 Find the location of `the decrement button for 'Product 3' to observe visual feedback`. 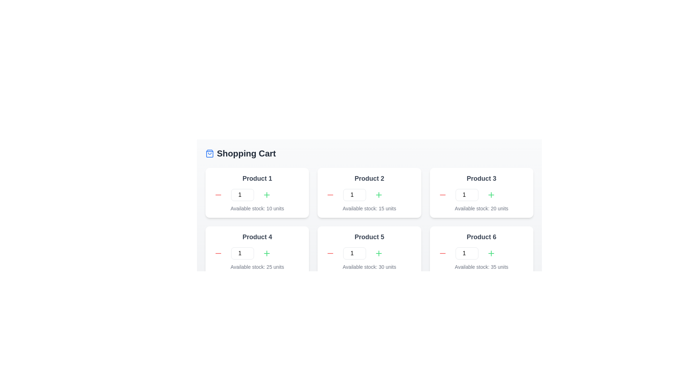

the decrement button for 'Product 3' to observe visual feedback is located at coordinates (442, 195).